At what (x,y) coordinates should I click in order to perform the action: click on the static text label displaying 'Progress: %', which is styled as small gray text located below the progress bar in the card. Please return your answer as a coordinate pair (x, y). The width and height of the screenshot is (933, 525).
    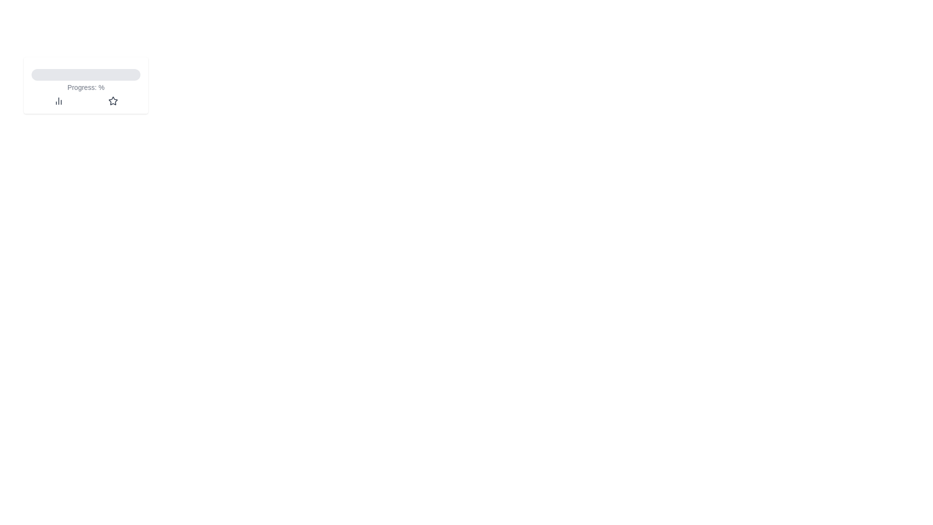
    Looking at the image, I should click on (86, 87).